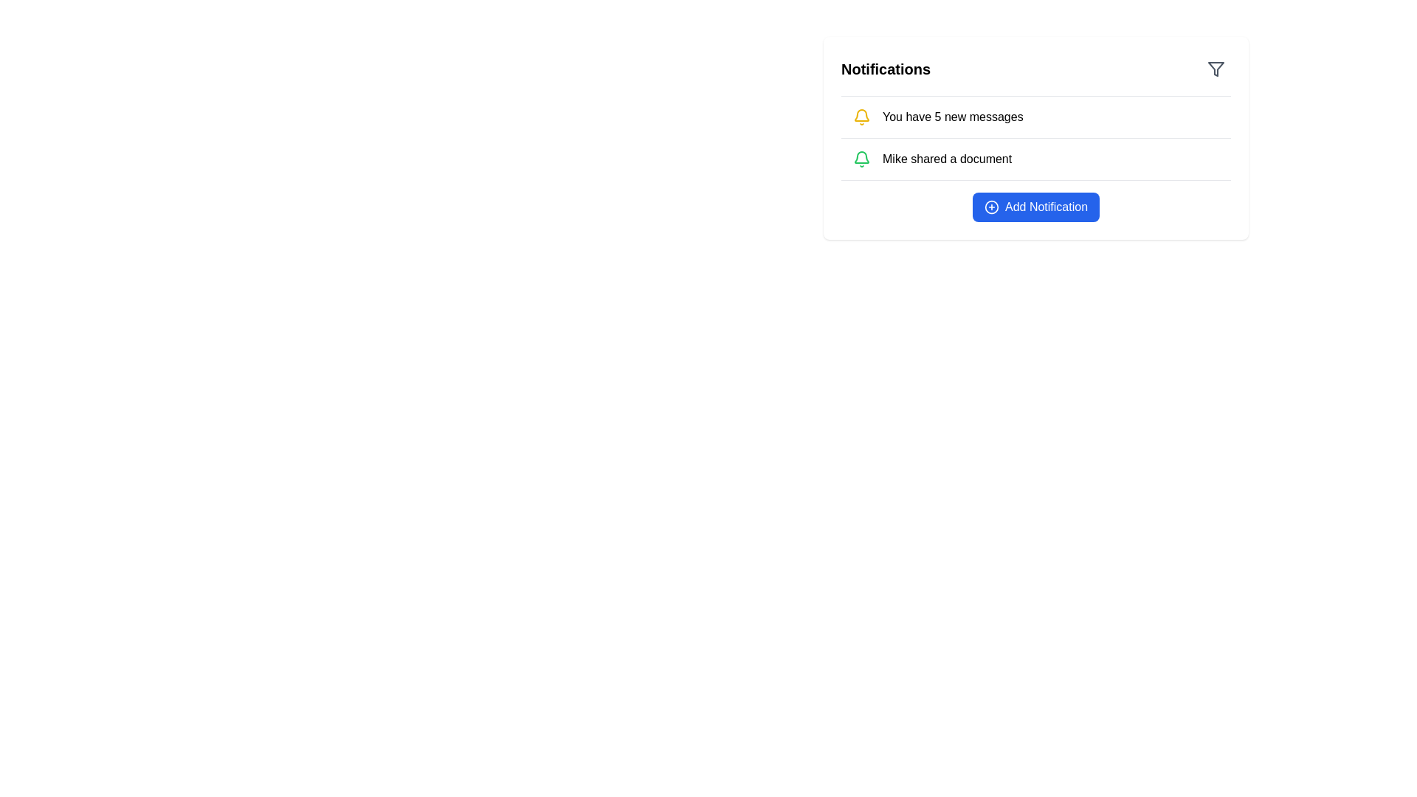 This screenshot has height=797, width=1417. I want to click on the bell icon located to the left of the text description 'Mike shared a document' in the notification list, so click(861, 159).